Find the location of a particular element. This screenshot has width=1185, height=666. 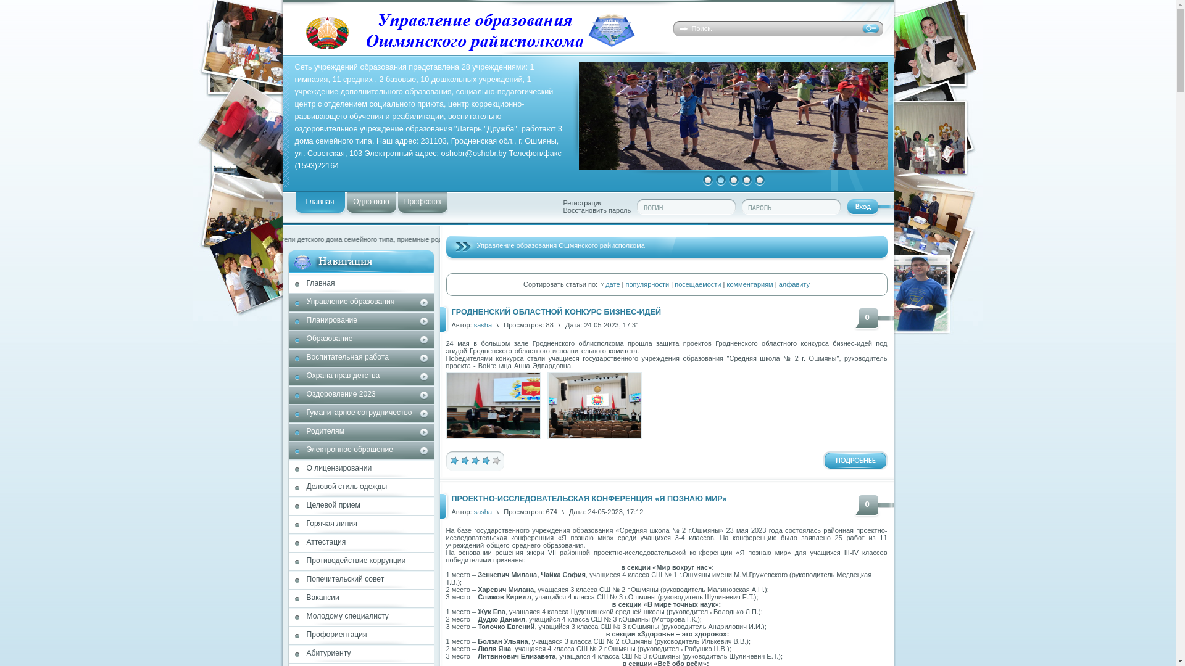

'2' is located at coordinates (464, 460).